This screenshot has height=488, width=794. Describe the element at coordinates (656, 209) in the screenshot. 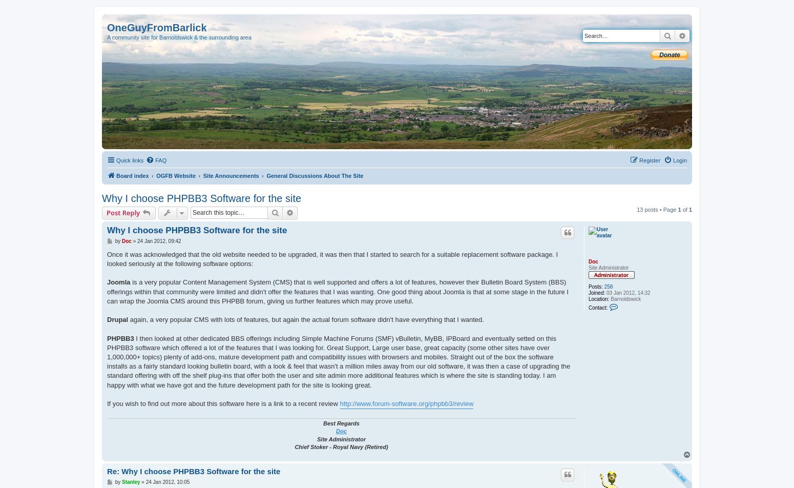

I see `'13 posts
							• Page'` at that location.